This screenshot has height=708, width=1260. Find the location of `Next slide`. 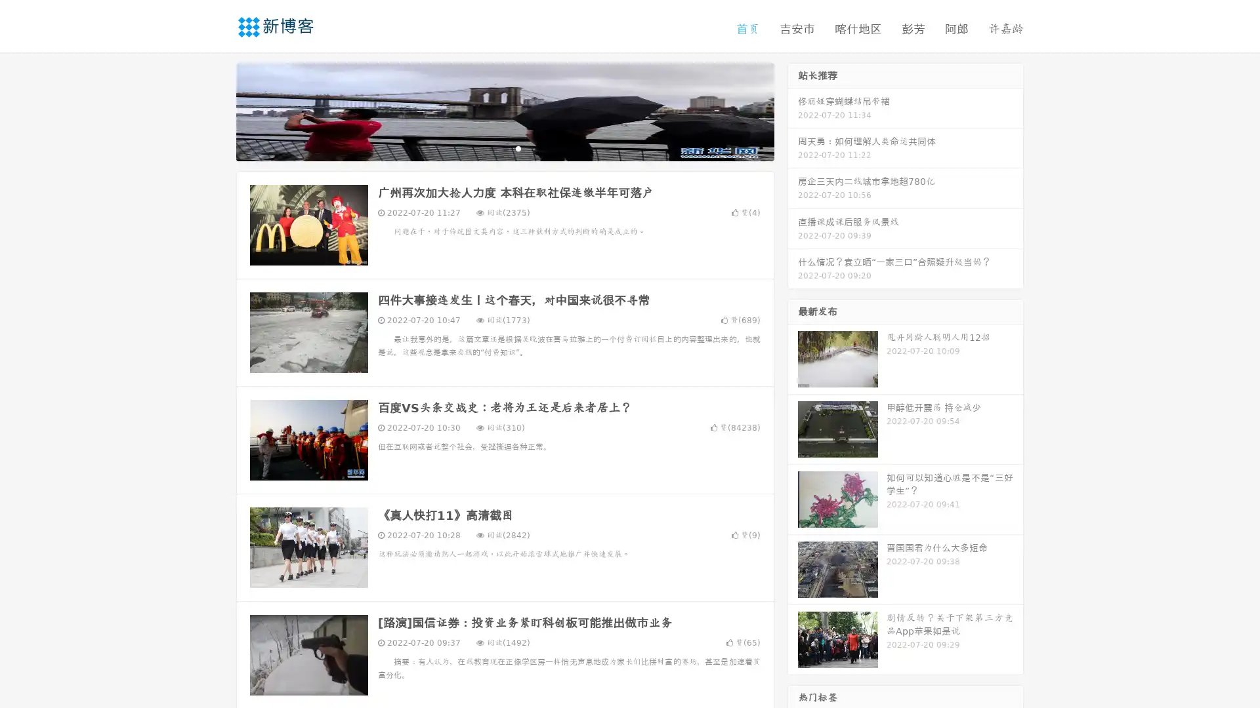

Next slide is located at coordinates (793, 110).